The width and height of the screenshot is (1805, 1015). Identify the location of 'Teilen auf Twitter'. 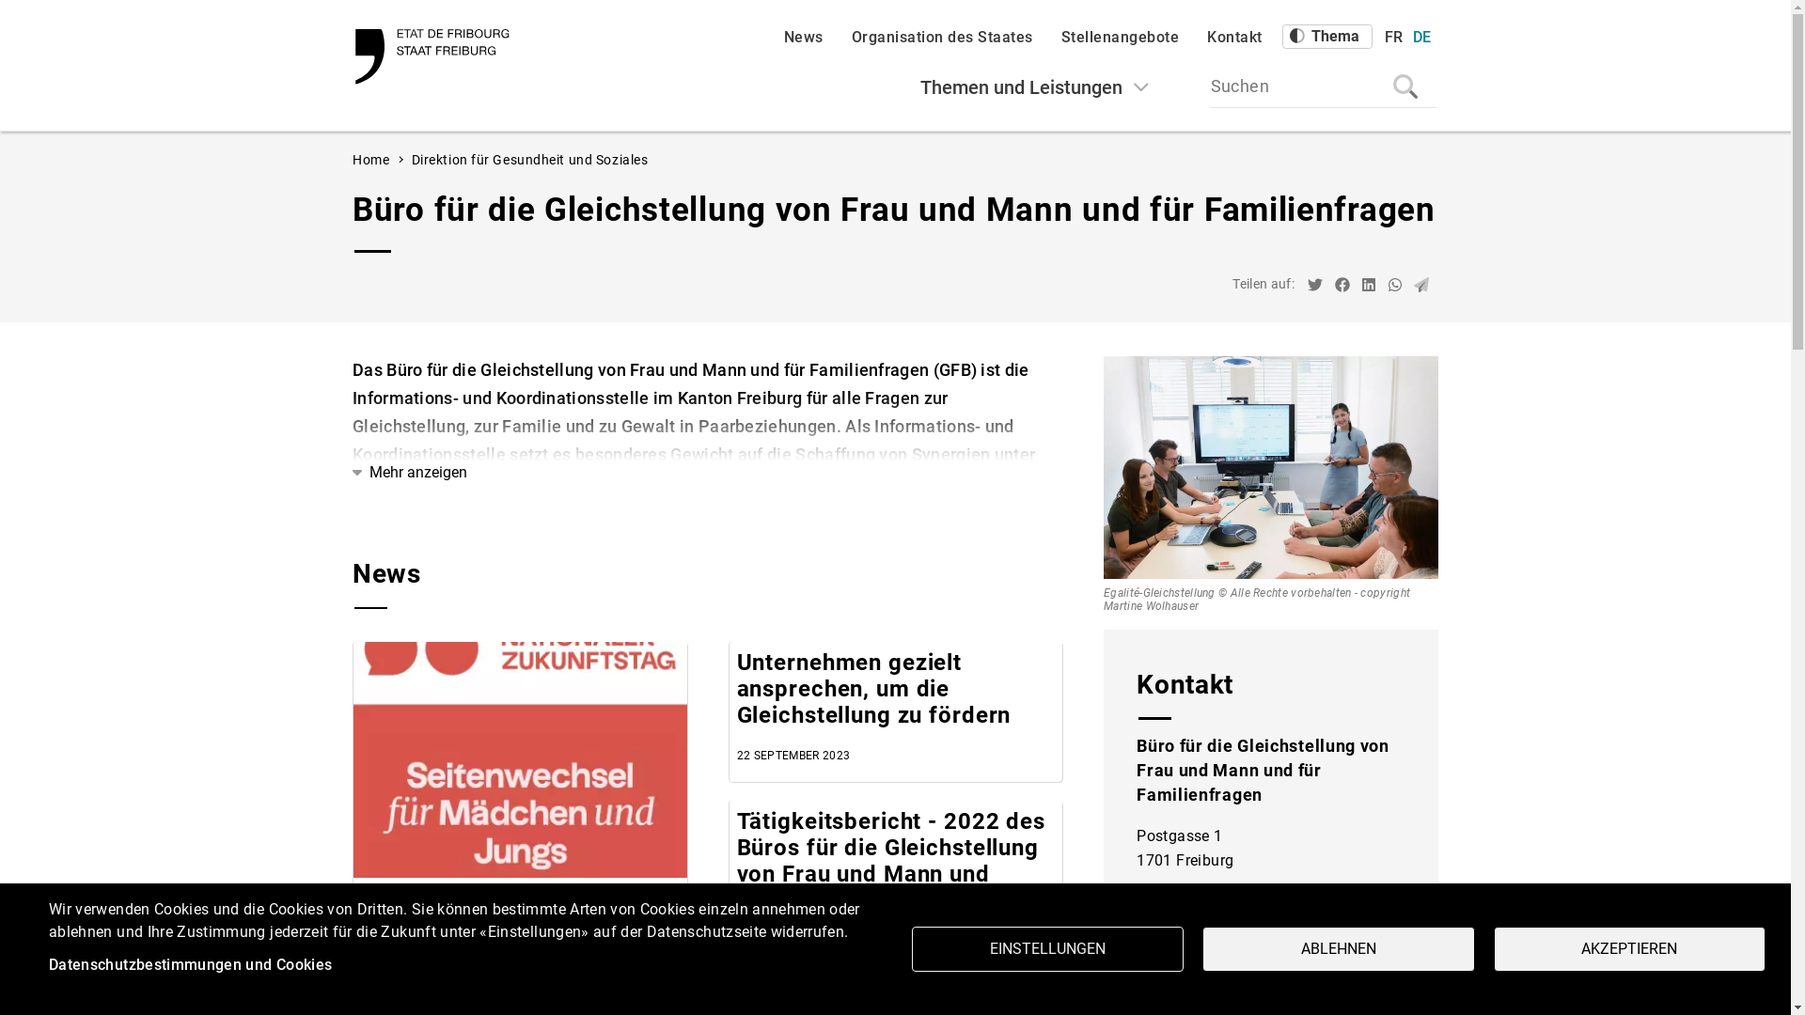
(1313, 286).